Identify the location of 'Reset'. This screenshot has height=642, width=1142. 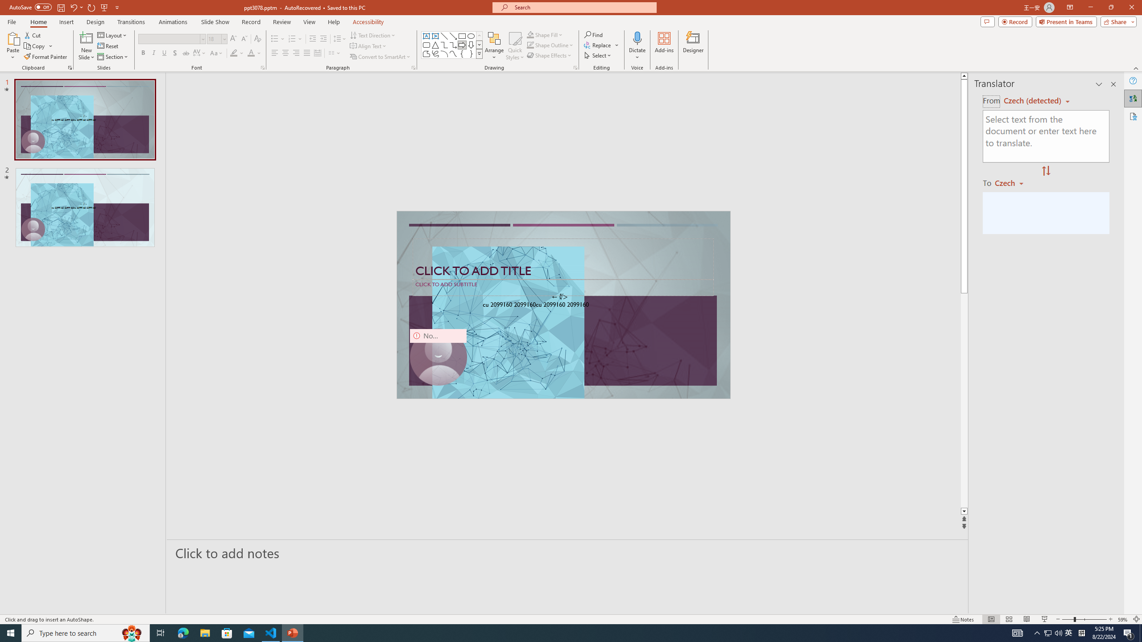
(108, 46).